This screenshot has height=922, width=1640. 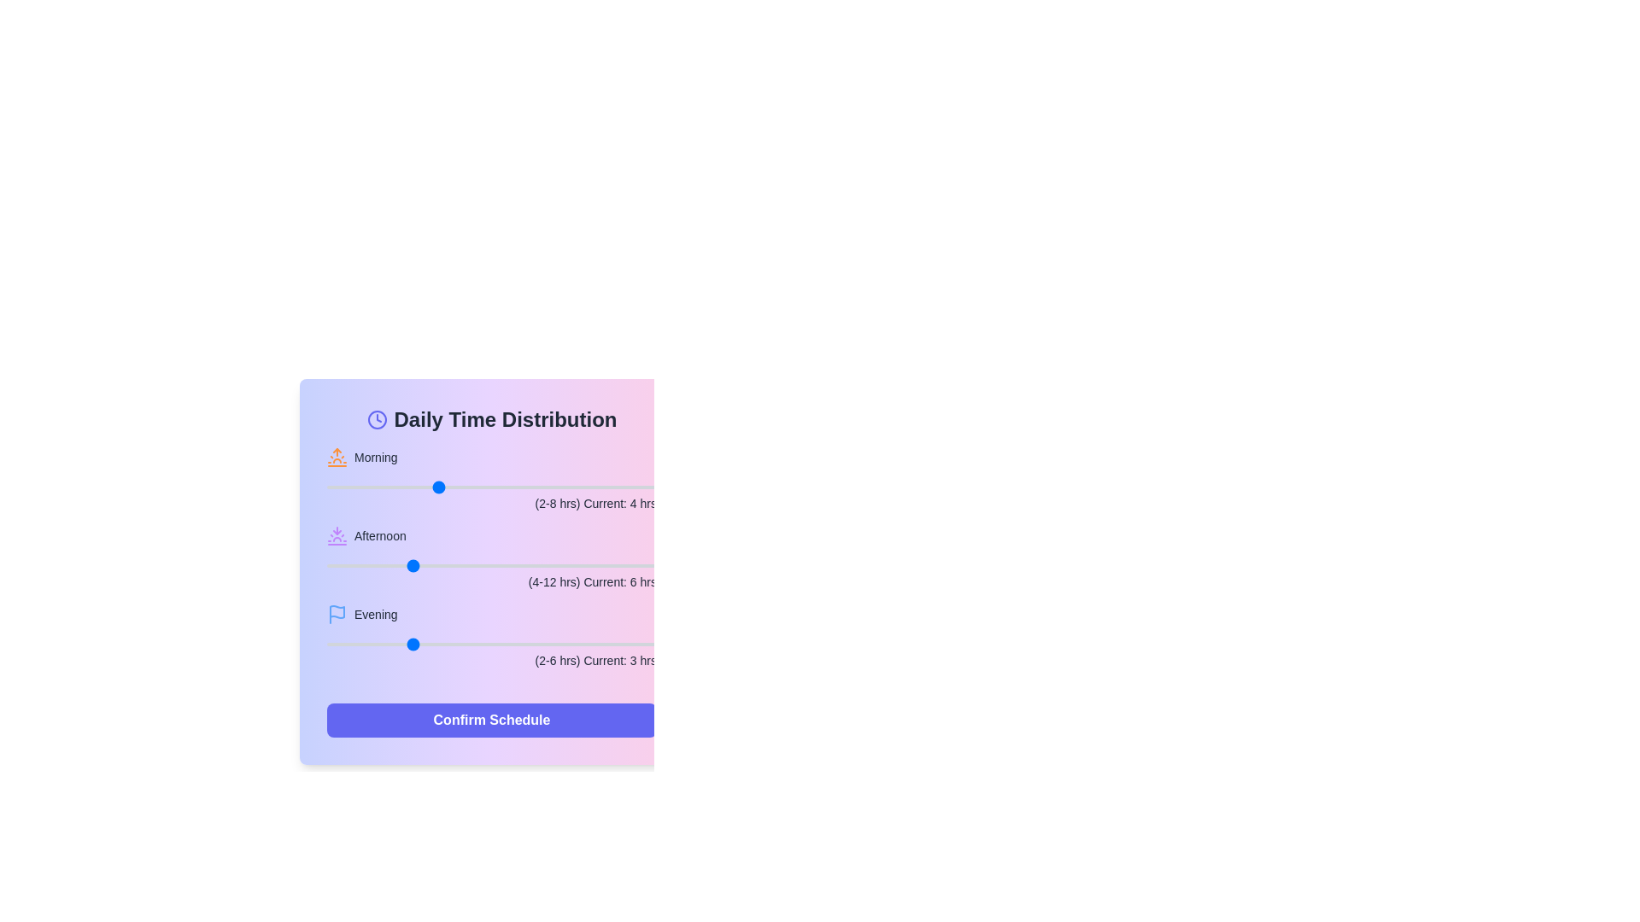 What do you see at coordinates (381, 487) in the screenshot?
I see `the slider for morning hours` at bounding box center [381, 487].